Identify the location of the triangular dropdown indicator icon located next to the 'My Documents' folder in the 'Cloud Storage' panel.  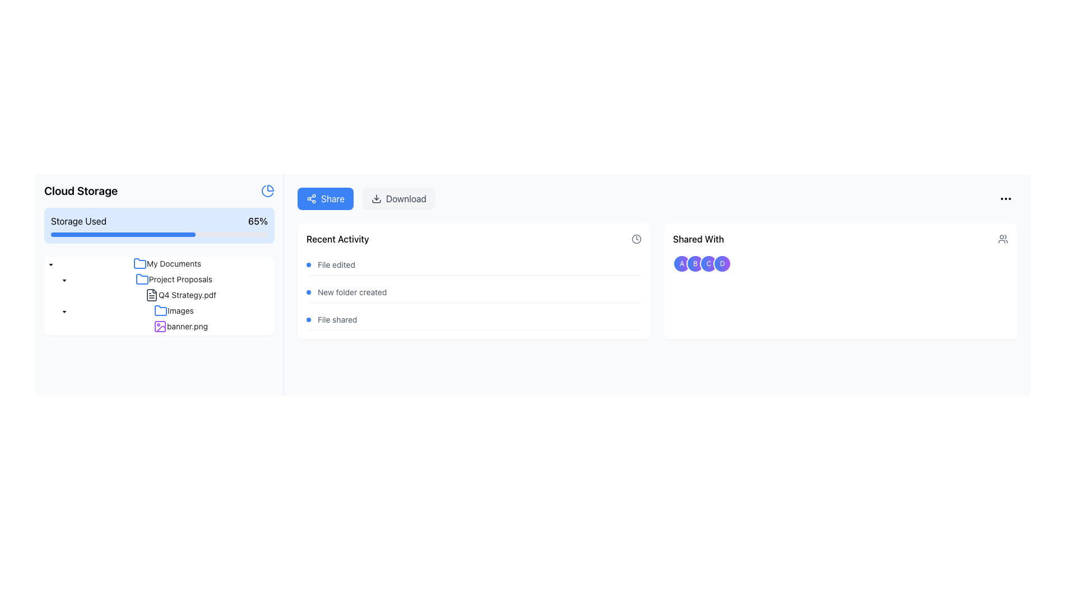
(64, 280).